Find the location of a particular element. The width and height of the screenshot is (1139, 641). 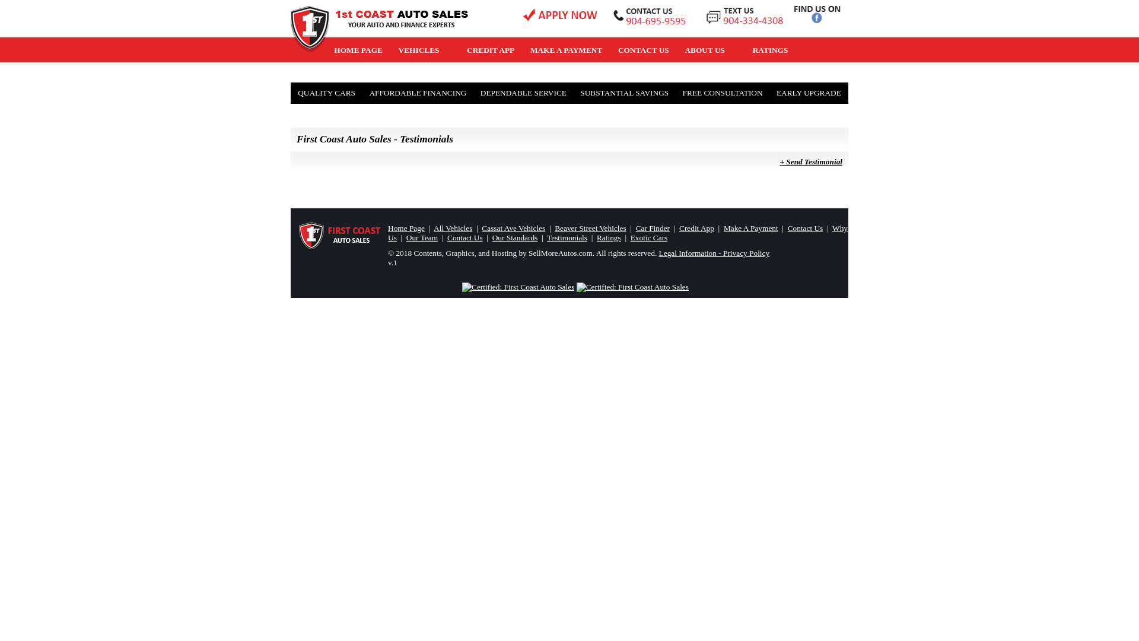

'QUALITY CARS' is located at coordinates (326, 93).